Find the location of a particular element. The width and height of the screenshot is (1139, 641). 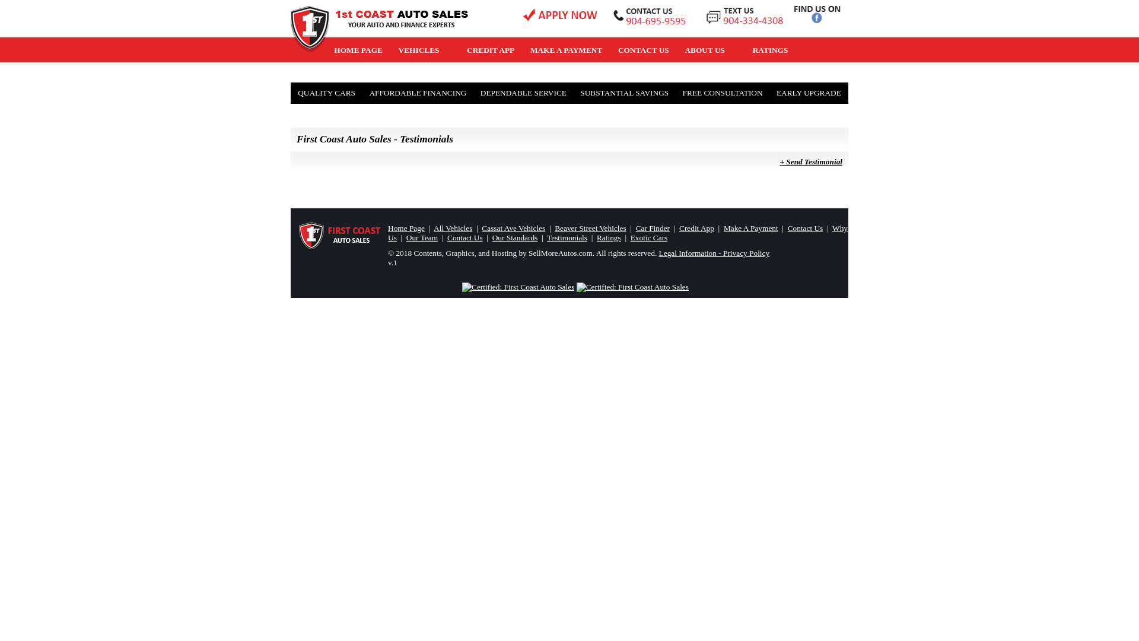

'QUALITY CARS' is located at coordinates (326, 93).